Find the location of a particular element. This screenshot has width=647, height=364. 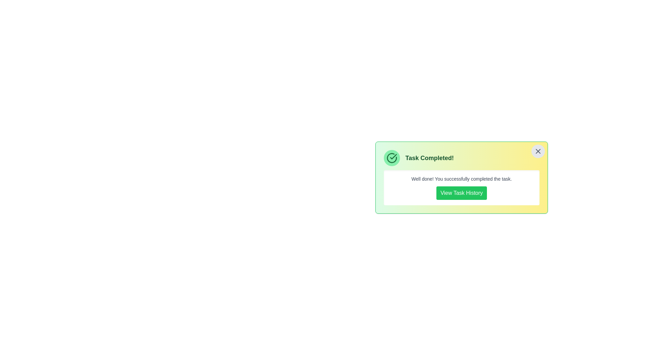

the close button to observe the hover effect is located at coordinates (538, 151).